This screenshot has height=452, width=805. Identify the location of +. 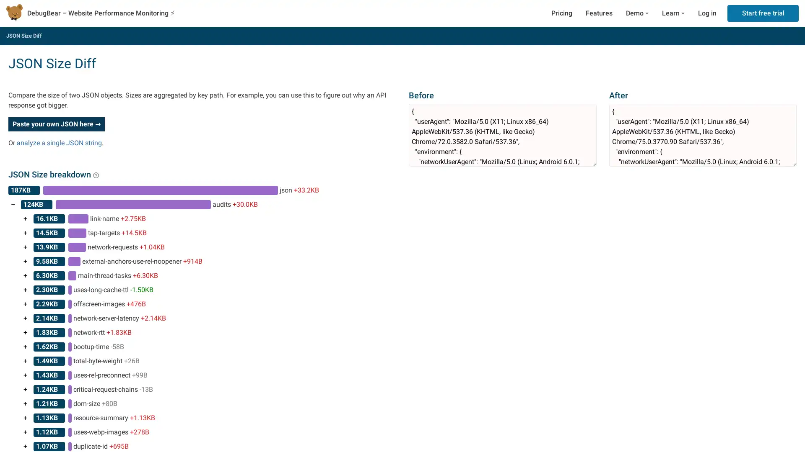
(25, 347).